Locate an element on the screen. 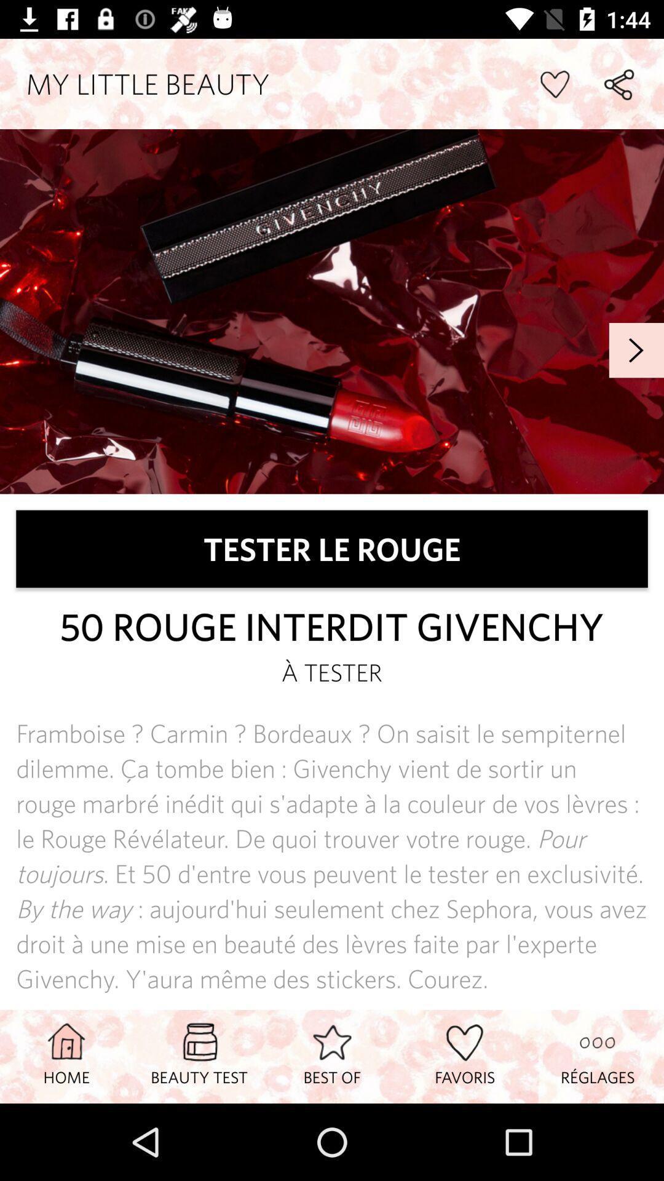 This screenshot has width=664, height=1181. the item to the right of the beauty test item is located at coordinates (332, 1056).